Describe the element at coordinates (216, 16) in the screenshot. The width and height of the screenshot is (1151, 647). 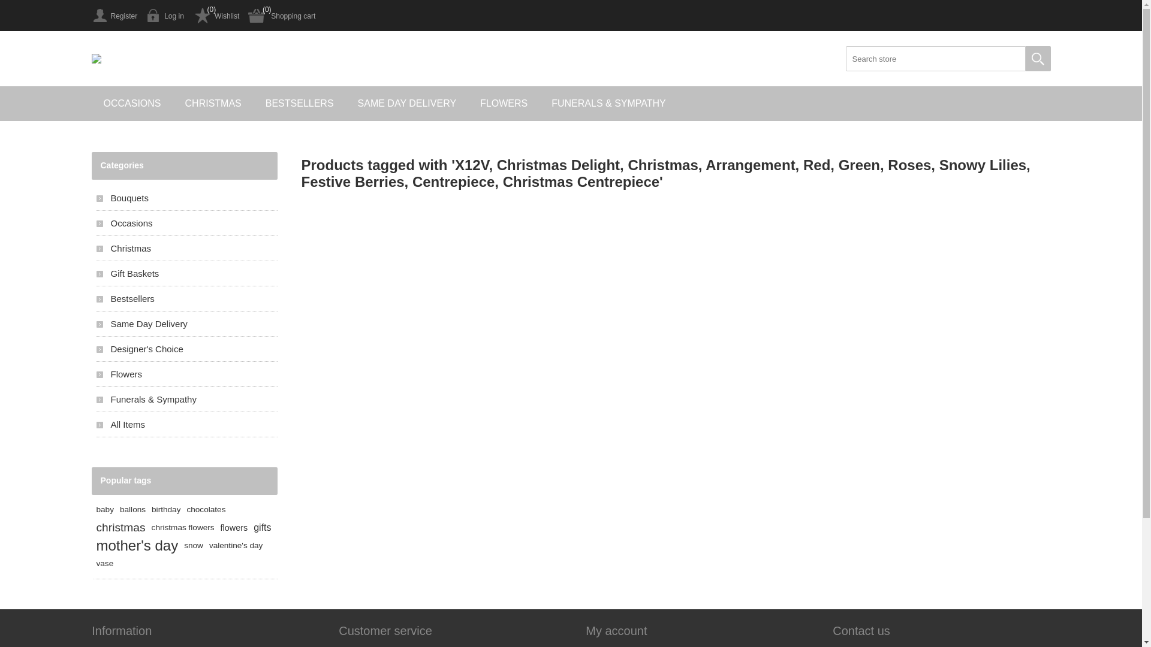
I see `'Wishlist'` at that location.